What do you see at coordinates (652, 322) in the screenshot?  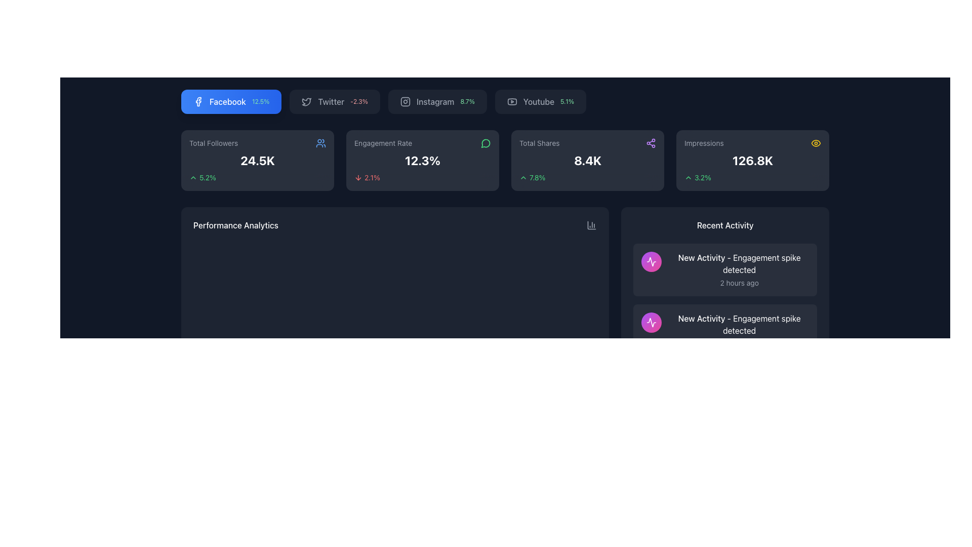 I see `the circular gradient button transitioning from purple to pink located at the top-left corner of the second activity card in the right column, just below the 'New Activity - Engagement spike detected' text` at bounding box center [652, 322].